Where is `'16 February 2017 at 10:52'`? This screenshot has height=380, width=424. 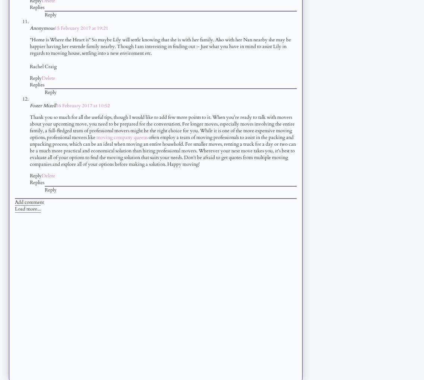
'16 February 2017 at 10:52' is located at coordinates (82, 105).